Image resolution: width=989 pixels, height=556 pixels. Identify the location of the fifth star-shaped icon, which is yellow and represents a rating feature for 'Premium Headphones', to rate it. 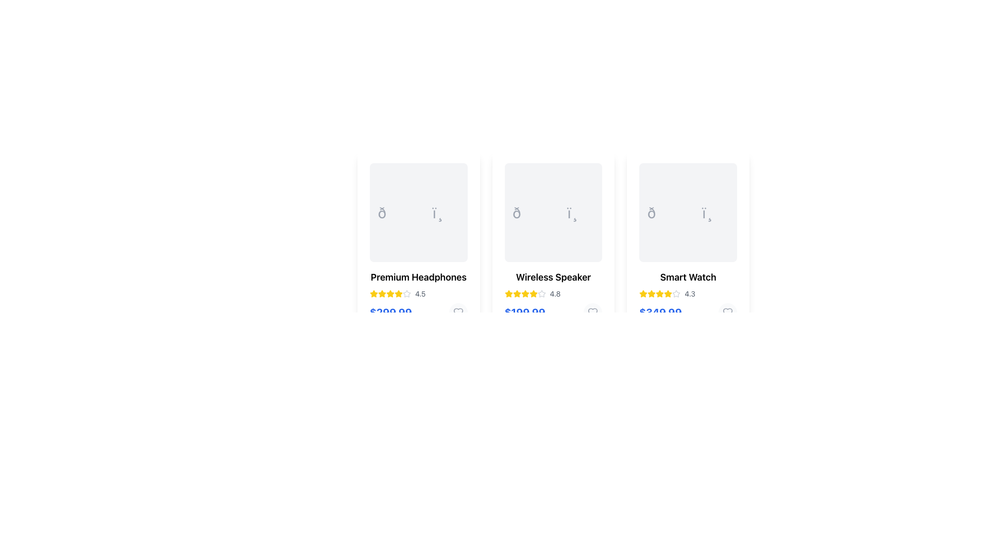
(373, 293).